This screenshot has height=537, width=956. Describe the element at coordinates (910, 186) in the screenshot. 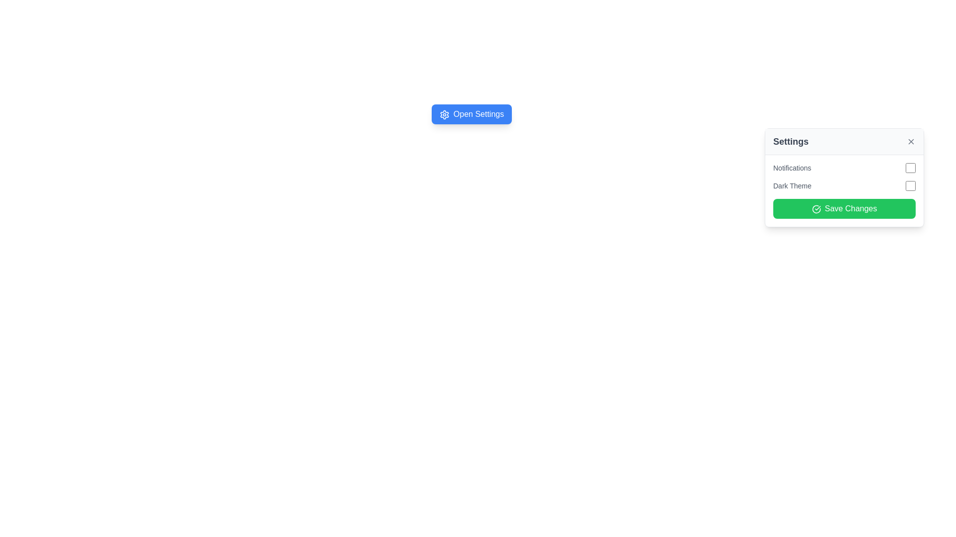

I see `the checkbox styled with a rounded outline beside the 'Dark Theme' label` at that location.